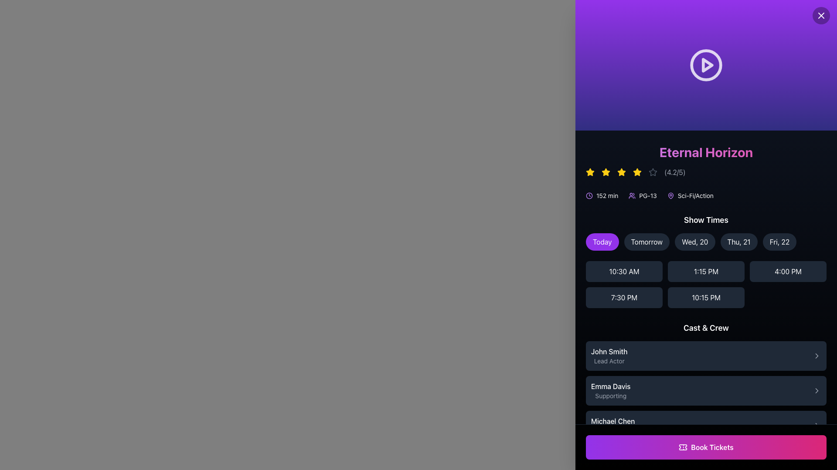 This screenshot has width=837, height=470. What do you see at coordinates (643, 196) in the screenshot?
I see `the informative label displaying the movie rating 'PG-13', which is the second element in the group that includes movie duration and genre` at bounding box center [643, 196].